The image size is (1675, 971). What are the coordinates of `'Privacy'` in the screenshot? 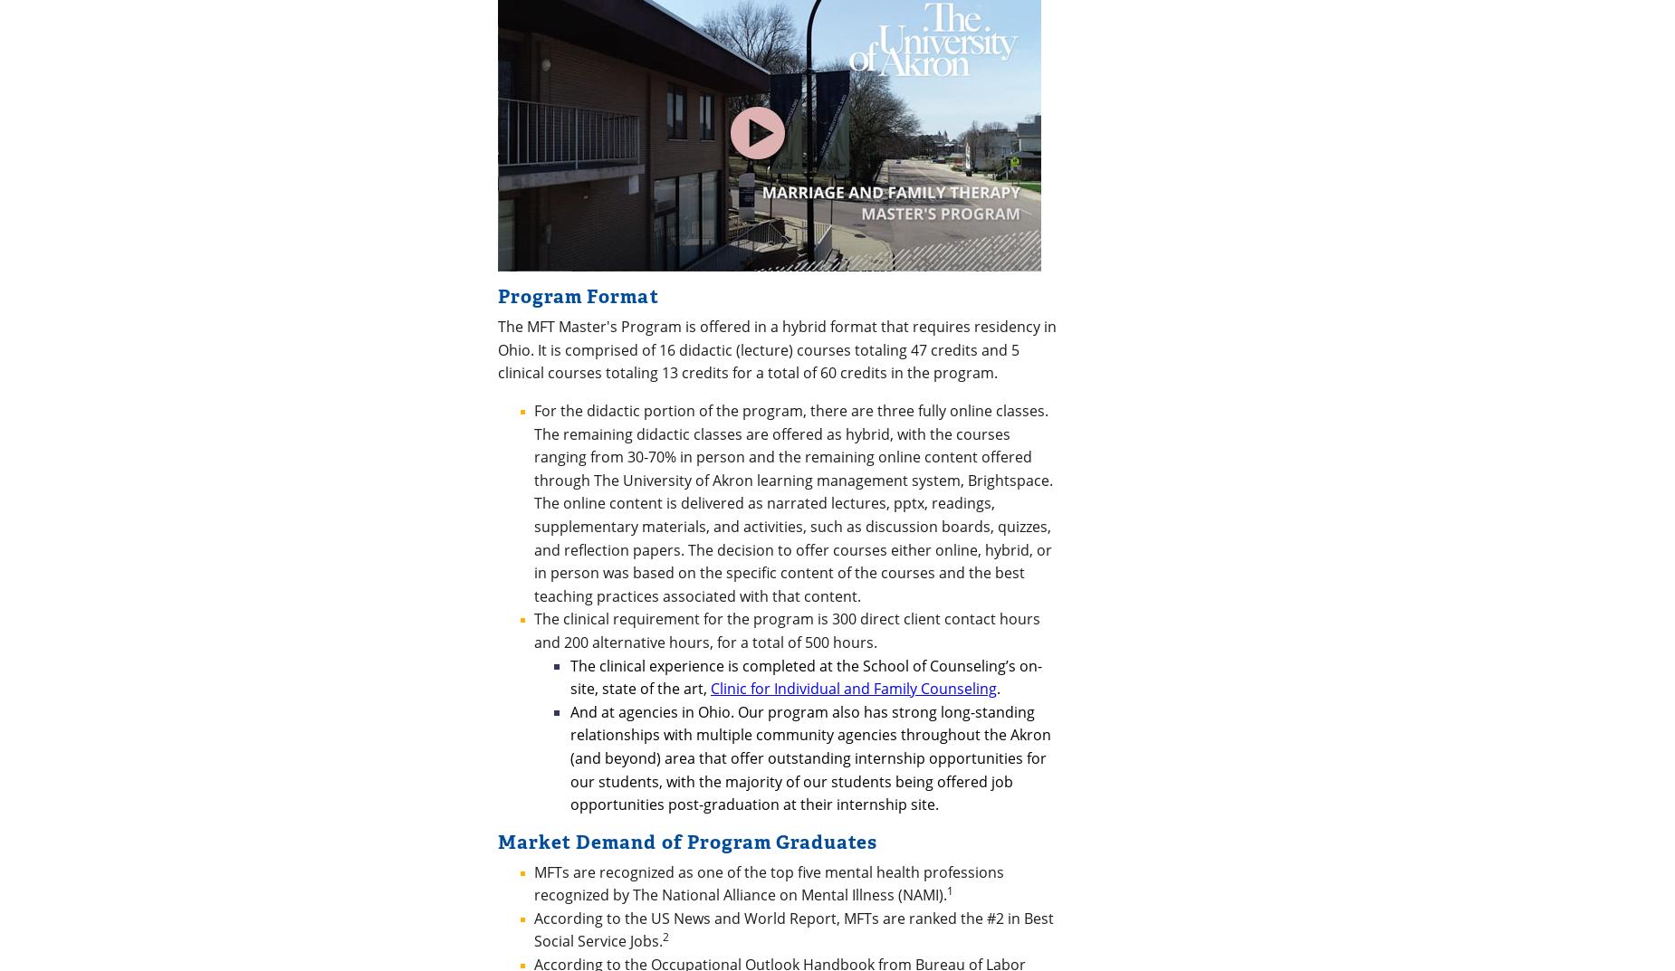 It's located at (593, 757).